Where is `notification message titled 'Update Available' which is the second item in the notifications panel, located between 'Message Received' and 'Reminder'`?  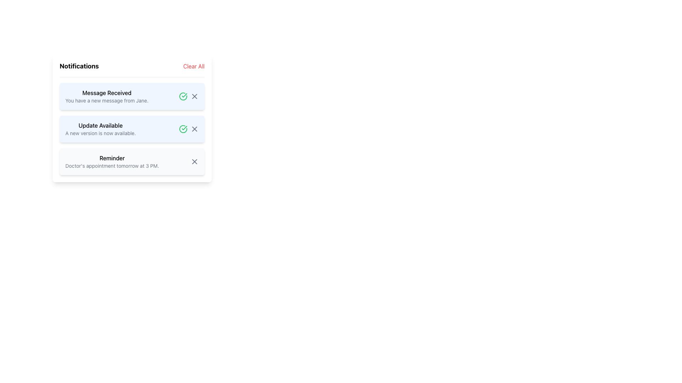
notification message titled 'Update Available' which is the second item in the notifications panel, located between 'Message Received' and 'Reminder' is located at coordinates (100, 129).